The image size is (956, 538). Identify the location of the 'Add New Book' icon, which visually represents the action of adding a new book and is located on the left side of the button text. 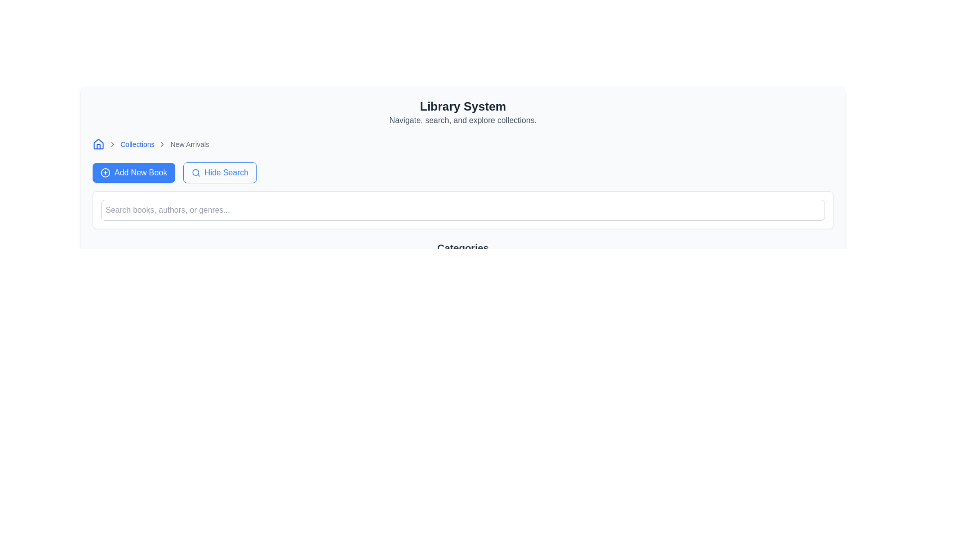
(105, 172).